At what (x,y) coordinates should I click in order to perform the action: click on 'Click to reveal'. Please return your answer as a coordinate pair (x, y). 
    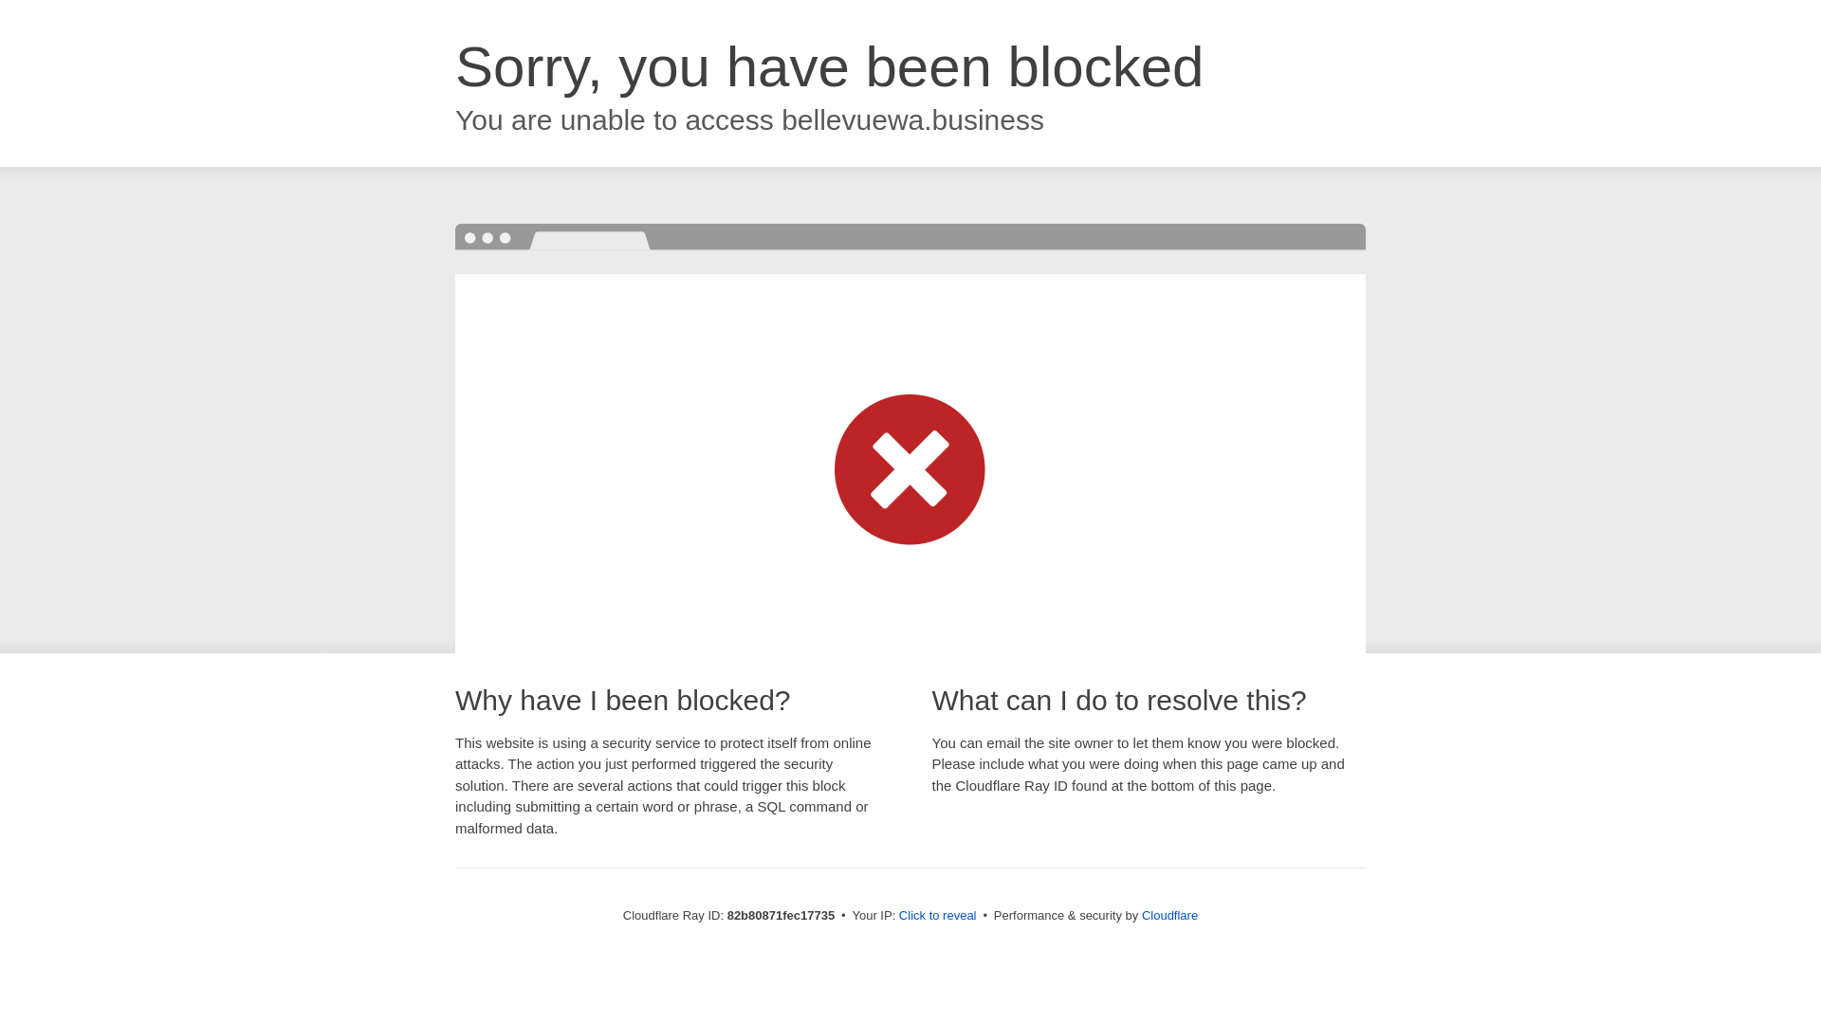
    Looking at the image, I should click on (937, 914).